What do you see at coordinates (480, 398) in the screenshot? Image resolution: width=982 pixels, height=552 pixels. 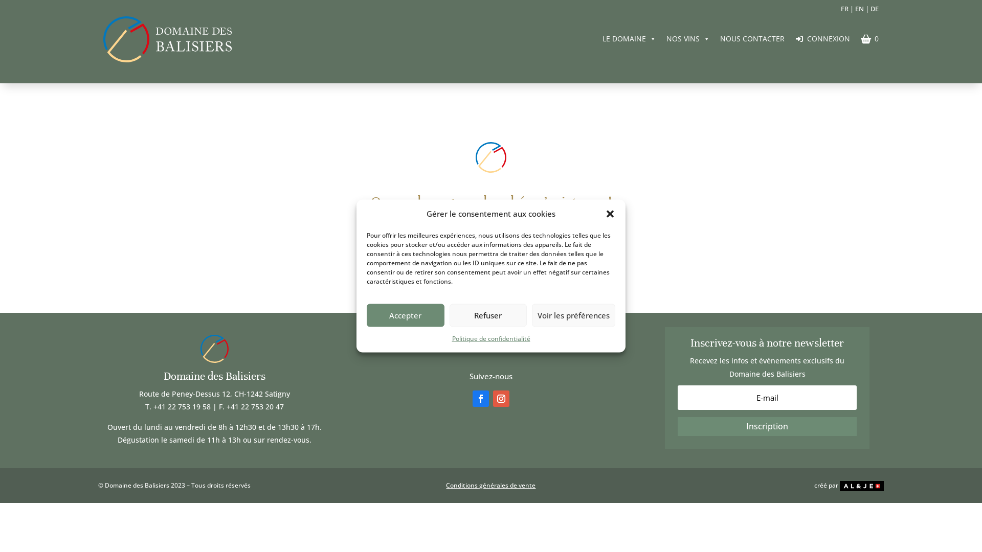 I see `'Suivez sur Facebook'` at bounding box center [480, 398].